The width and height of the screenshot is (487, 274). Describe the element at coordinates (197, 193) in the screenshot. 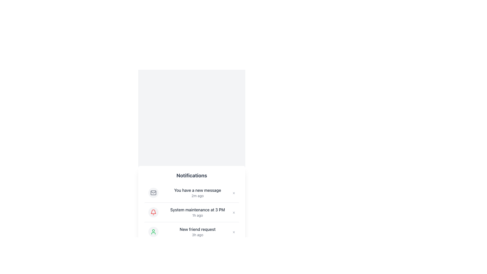

I see `the notification text block located under the 'Notifications' section header, which is the first item in the list and aligned with an envelope icon` at that location.